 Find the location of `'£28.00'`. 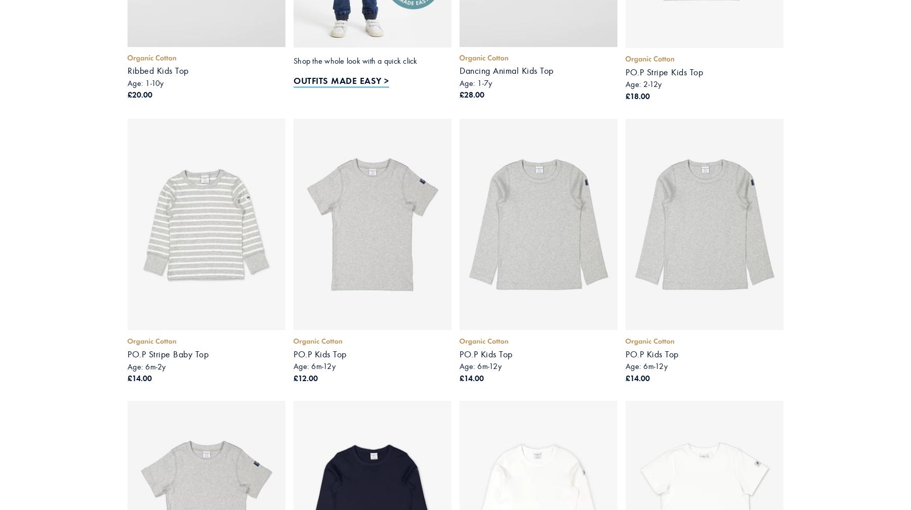

'£28.00' is located at coordinates (459, 94).